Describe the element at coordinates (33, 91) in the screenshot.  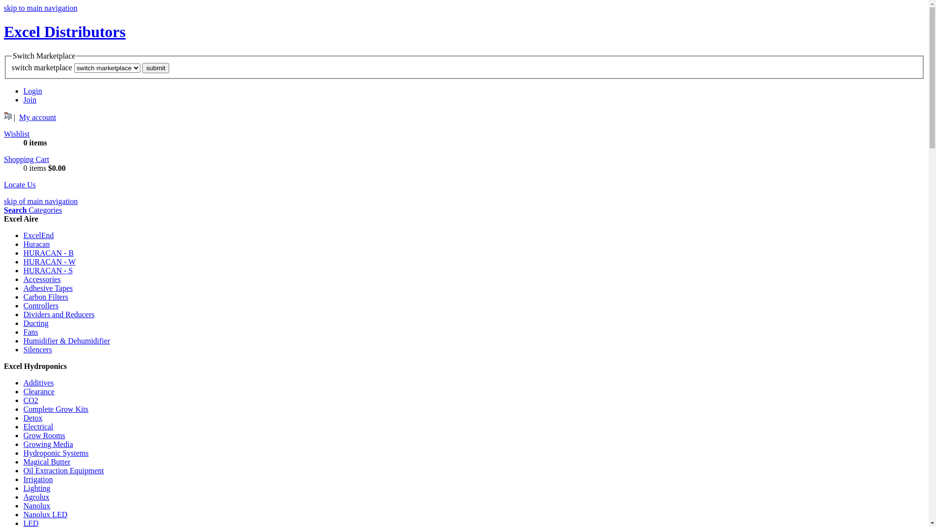
I see `'Login'` at that location.